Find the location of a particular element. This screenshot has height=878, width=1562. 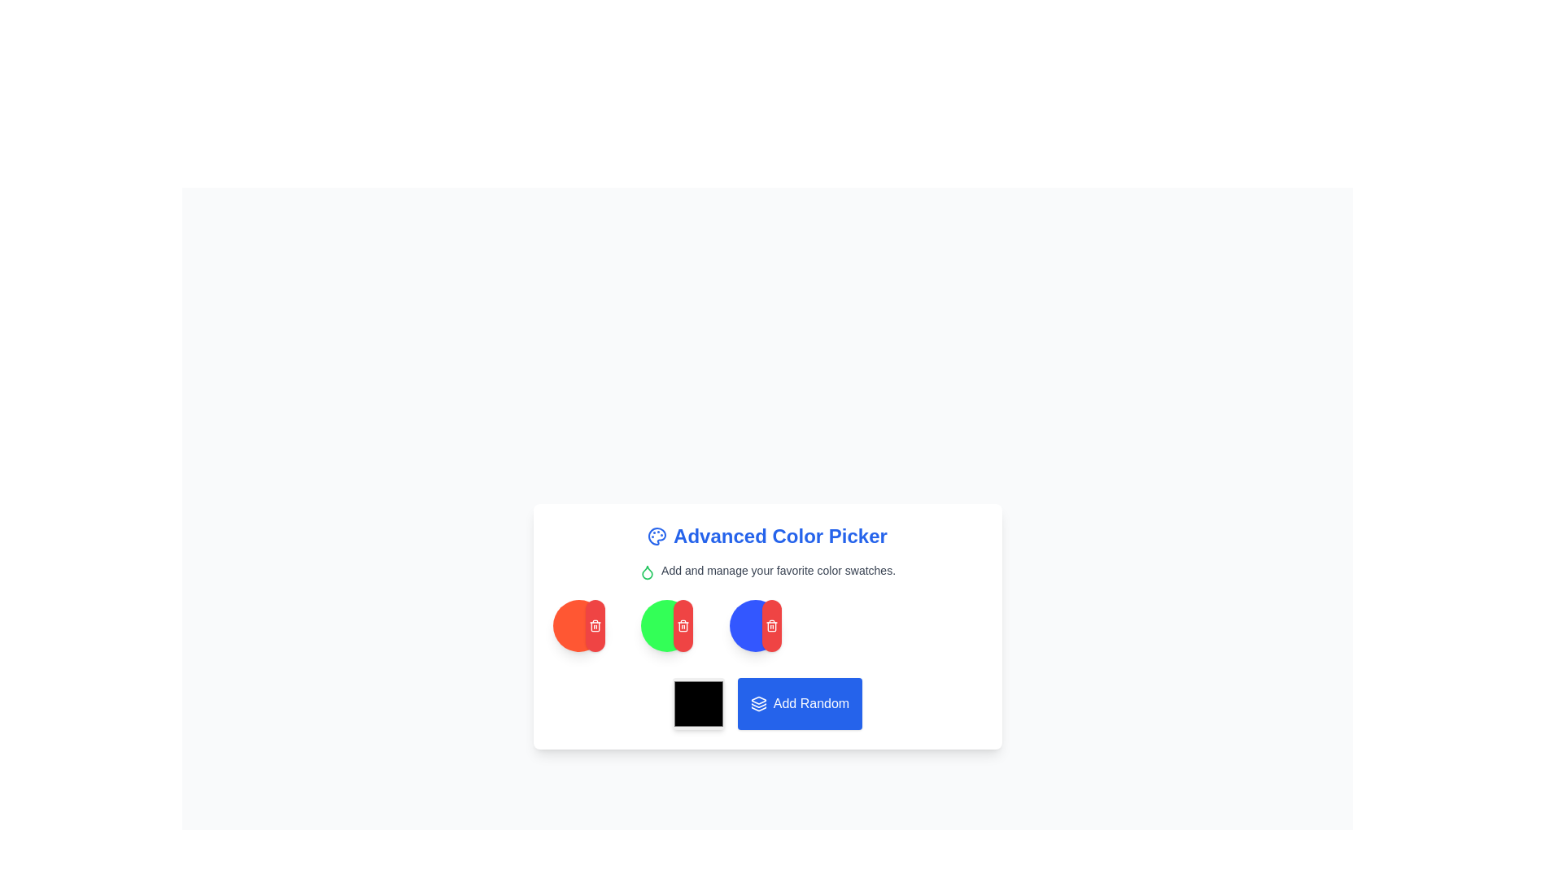

the delete button for the associated color swatch is located at coordinates (594, 624).